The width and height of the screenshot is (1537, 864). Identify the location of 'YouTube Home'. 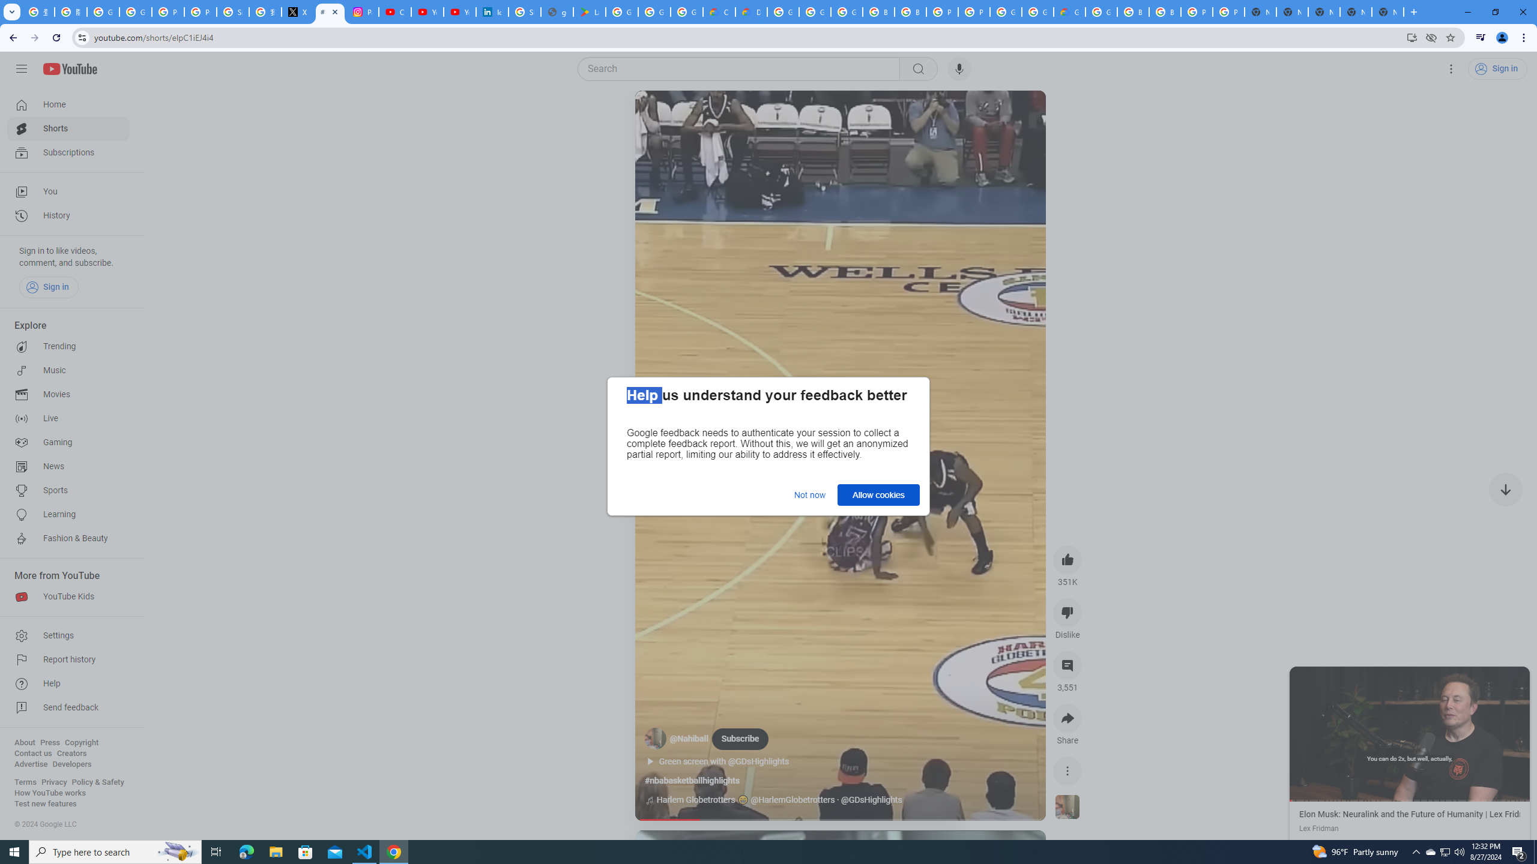
(69, 68).